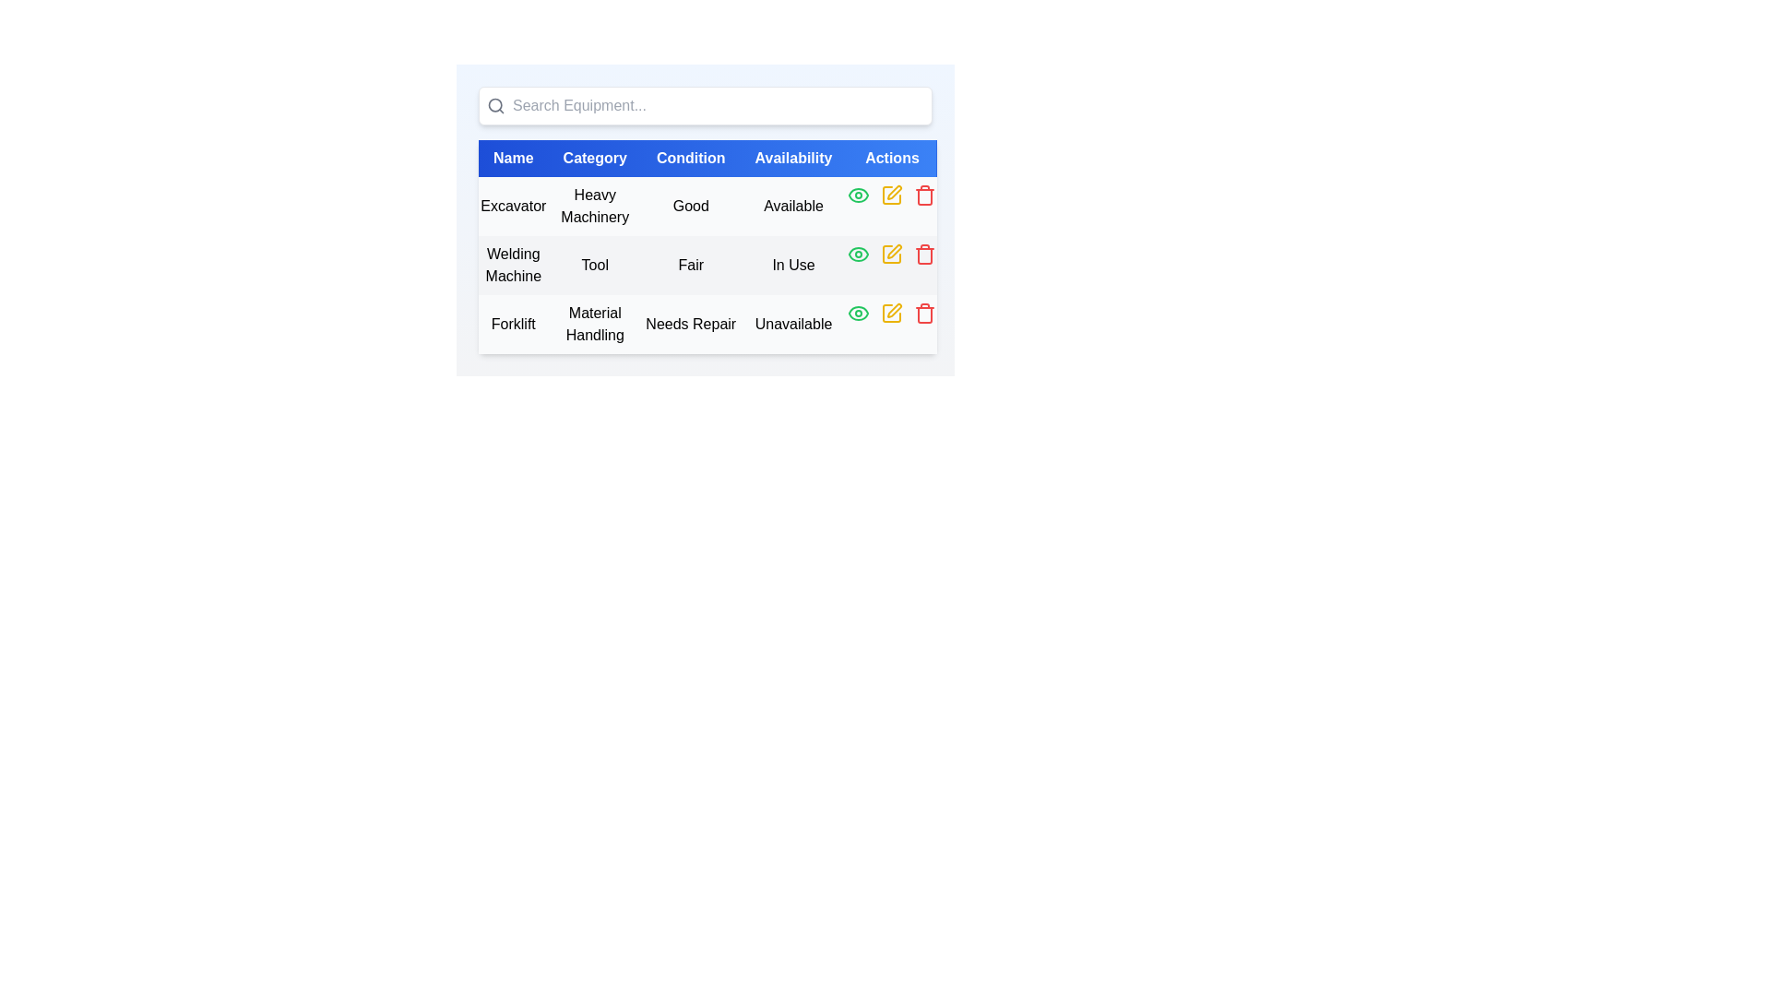 The image size is (1771, 996). Describe the element at coordinates (513, 323) in the screenshot. I see `the text label displaying 'Forklift' in black font, located in the first column of the third row of the table` at that location.